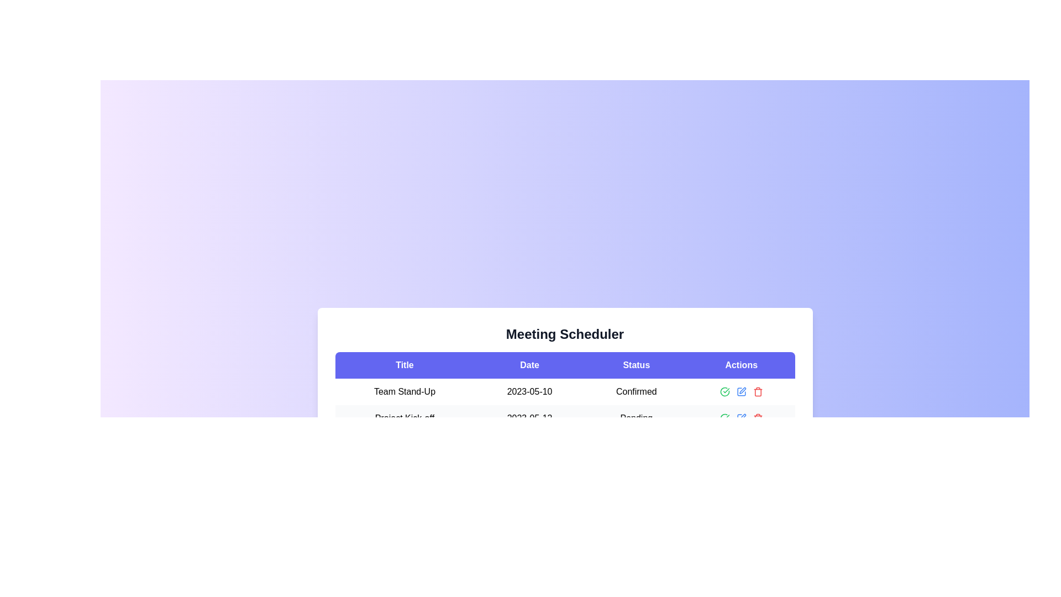 This screenshot has height=597, width=1061. What do you see at coordinates (724, 391) in the screenshot?
I see `the green circular icon button with a check mark inside to confirm the action in the meeting scheduler table` at bounding box center [724, 391].